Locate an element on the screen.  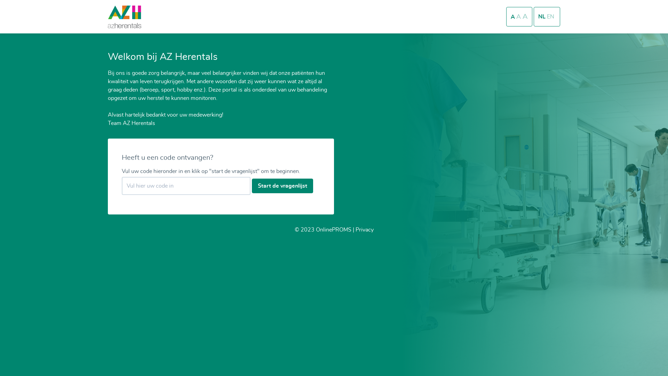
'A' is located at coordinates (519, 17).